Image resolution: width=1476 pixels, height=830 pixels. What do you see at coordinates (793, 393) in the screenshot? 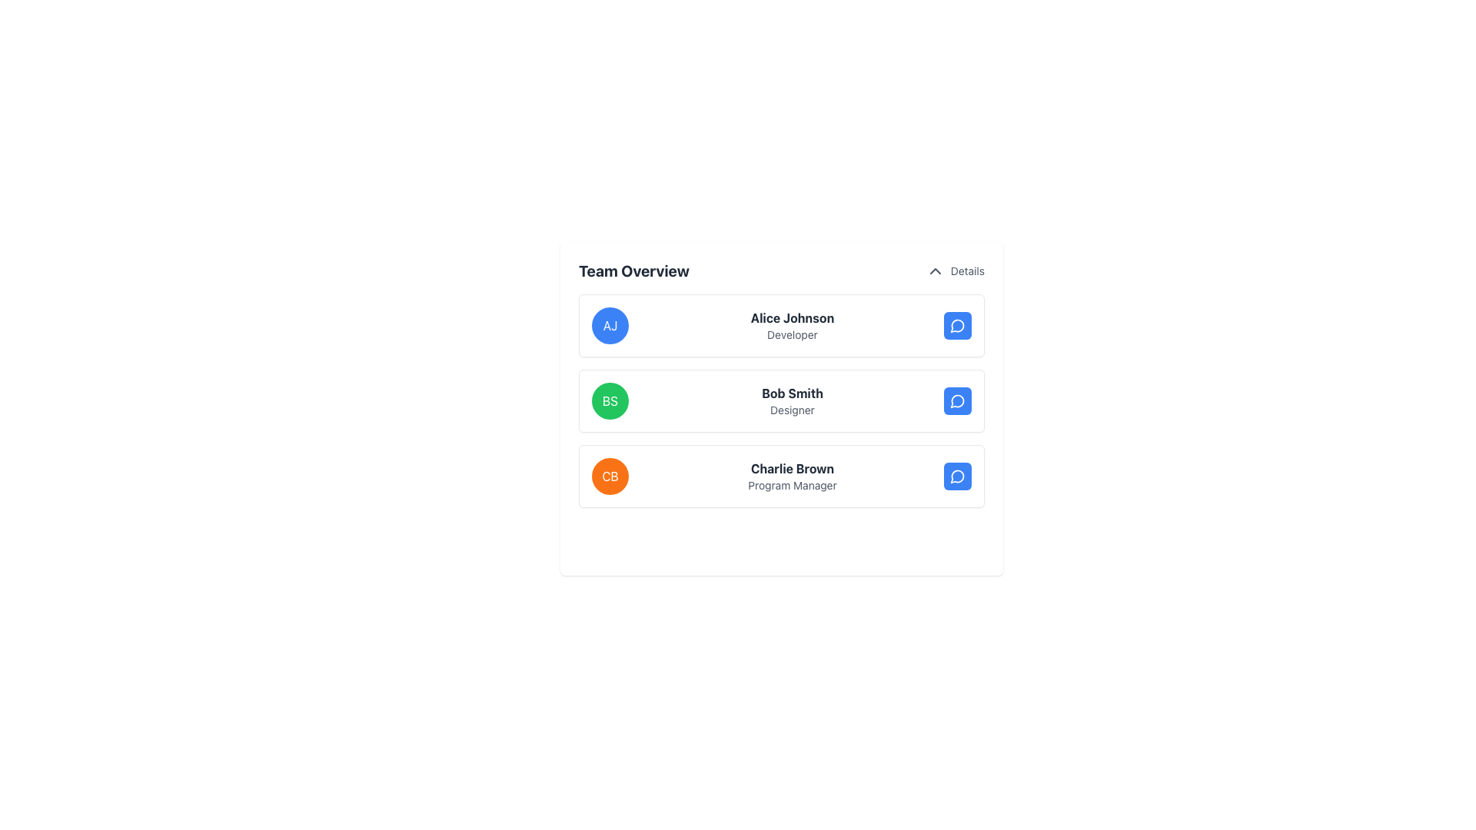
I see `the 'Bob Smith' text label, which displays the full name of an individual, positioned centrally in the second row of the list structure, to the right of the green 'BS' icon and above the 'Designer' label` at bounding box center [793, 393].